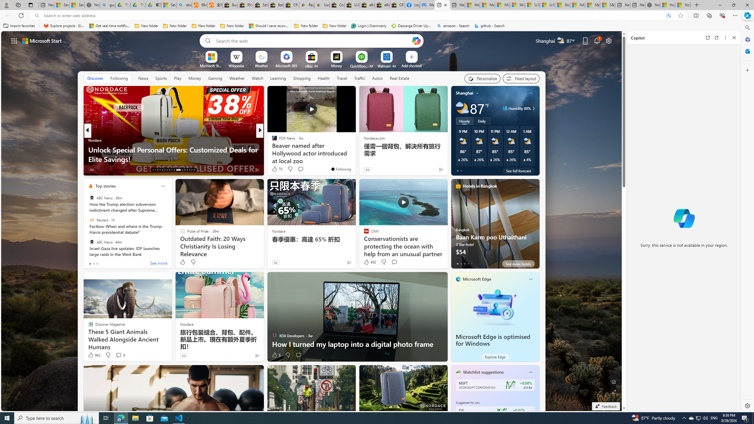  I want to click on '11 Like', so click(275, 169).